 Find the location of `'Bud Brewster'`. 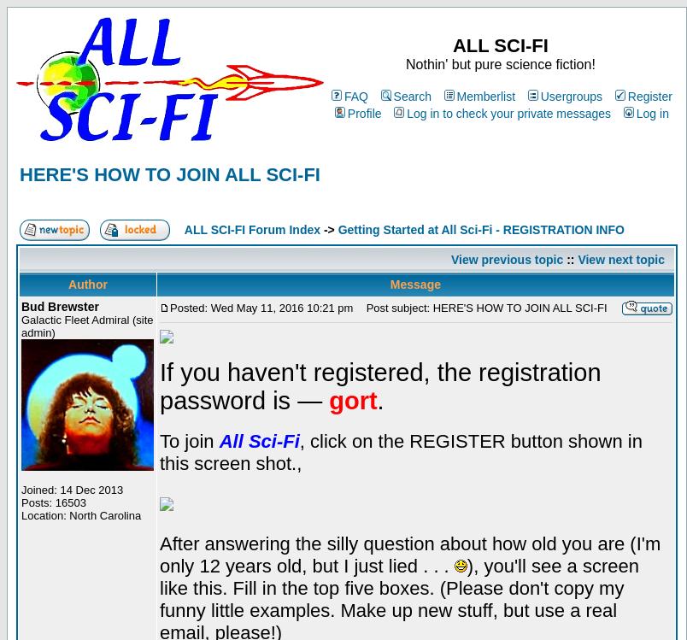

'Bud Brewster' is located at coordinates (59, 306).